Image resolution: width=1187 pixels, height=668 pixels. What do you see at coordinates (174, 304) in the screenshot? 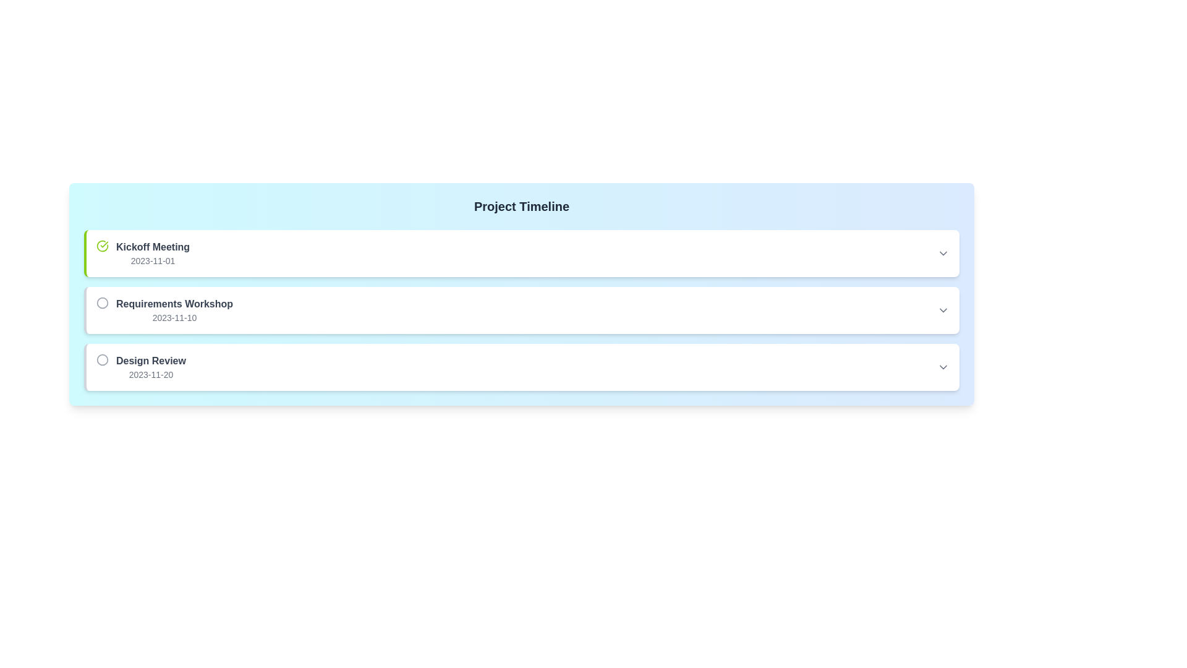
I see `the text label displaying the title 'Requirements Workshop' which is bold and dark gray in color, positioned at the top center of its card interface` at bounding box center [174, 304].